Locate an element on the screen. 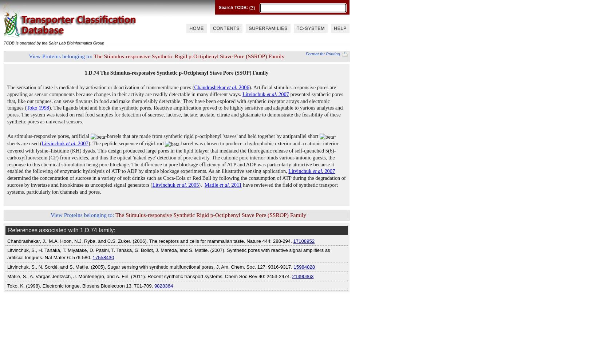  'Matile, S., A. Vargas Jentzsch, J. Montenegro, and A. Fin. (2011).  Recent synthetic transport systems.  Chem Soc Rev 40: 2453-2474.' is located at coordinates (149, 276).